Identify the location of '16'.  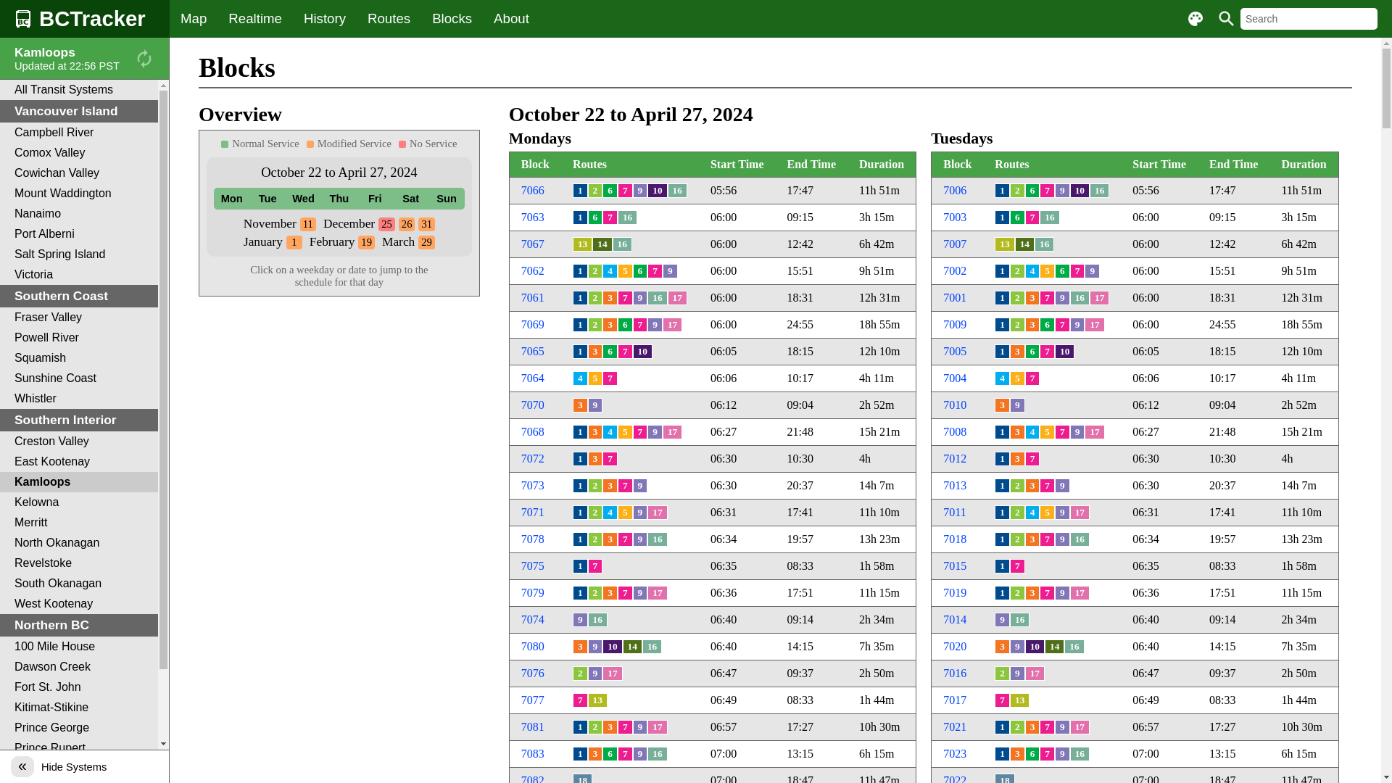
(1080, 297).